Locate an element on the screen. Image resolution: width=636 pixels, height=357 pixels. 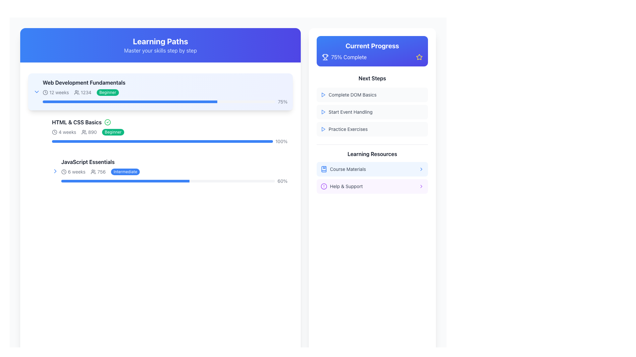
the clock icon next to the '12 weeks' text in the 'Web Development Fundamentals' entry of the 'Learning Paths' list is located at coordinates (45, 93).